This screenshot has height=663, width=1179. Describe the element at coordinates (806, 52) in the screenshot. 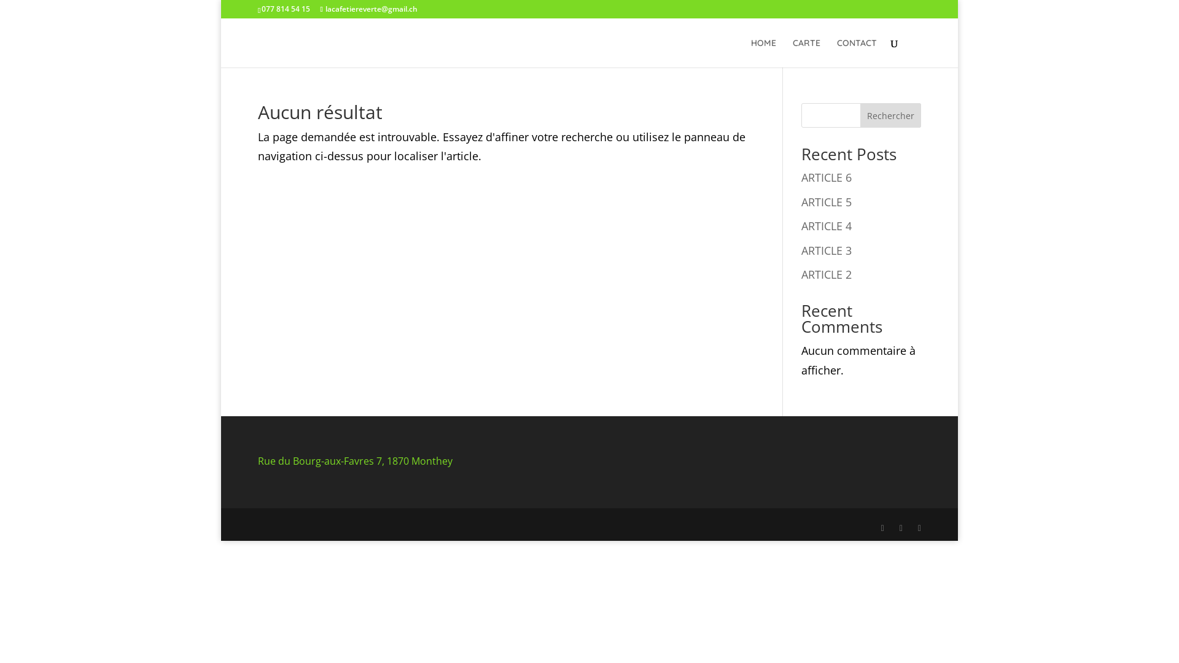

I see `'CARTE'` at that location.